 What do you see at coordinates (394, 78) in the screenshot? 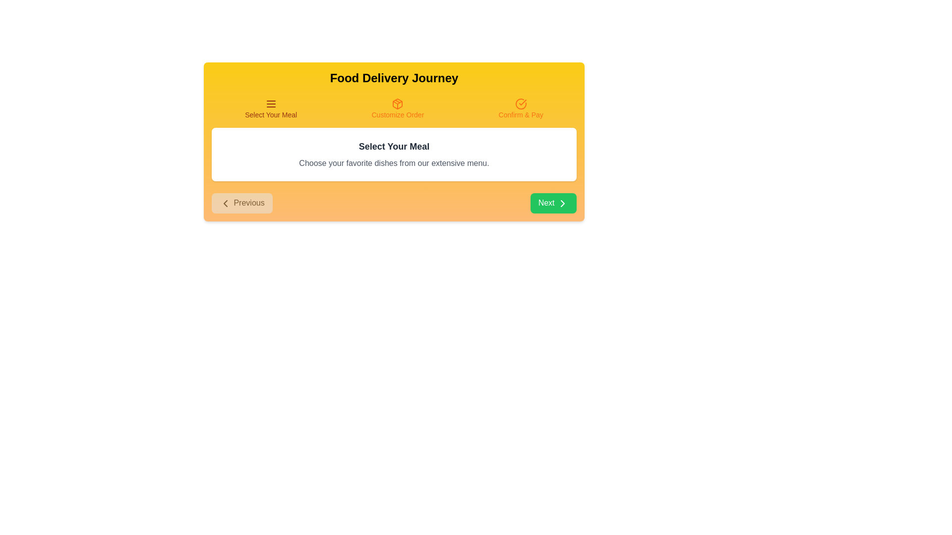
I see `text content of the title label located at the top center of the card component with a gradient background from yellow to orange, which precedes options for meal selection` at bounding box center [394, 78].